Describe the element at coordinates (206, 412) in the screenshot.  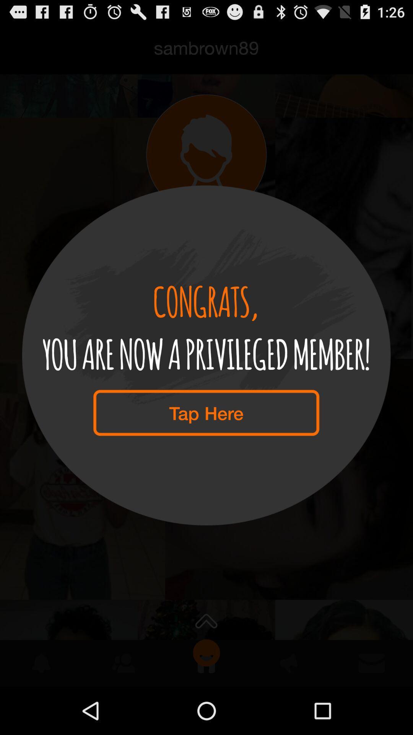
I see `the tap here item` at that location.